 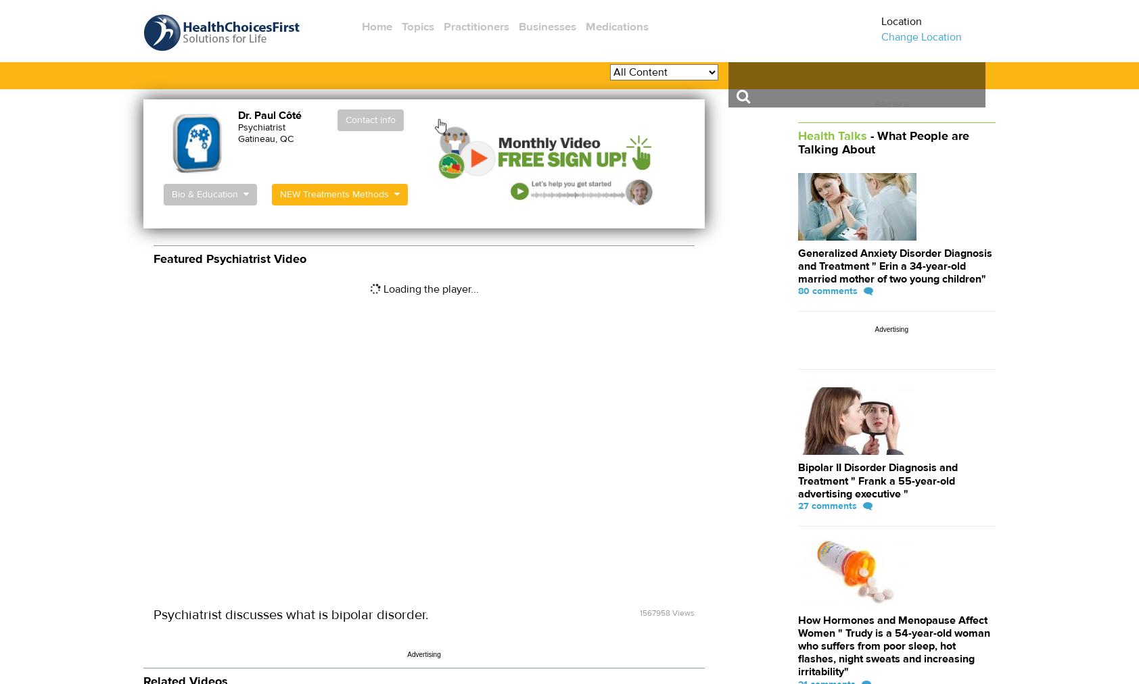 What do you see at coordinates (827, 505) in the screenshot?
I see `'27 comments'` at bounding box center [827, 505].